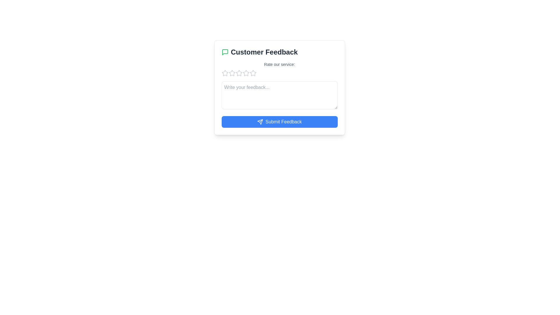  Describe the element at coordinates (225, 73) in the screenshot. I see `the first interactive rating star icon in the Customer Feedback form` at that location.